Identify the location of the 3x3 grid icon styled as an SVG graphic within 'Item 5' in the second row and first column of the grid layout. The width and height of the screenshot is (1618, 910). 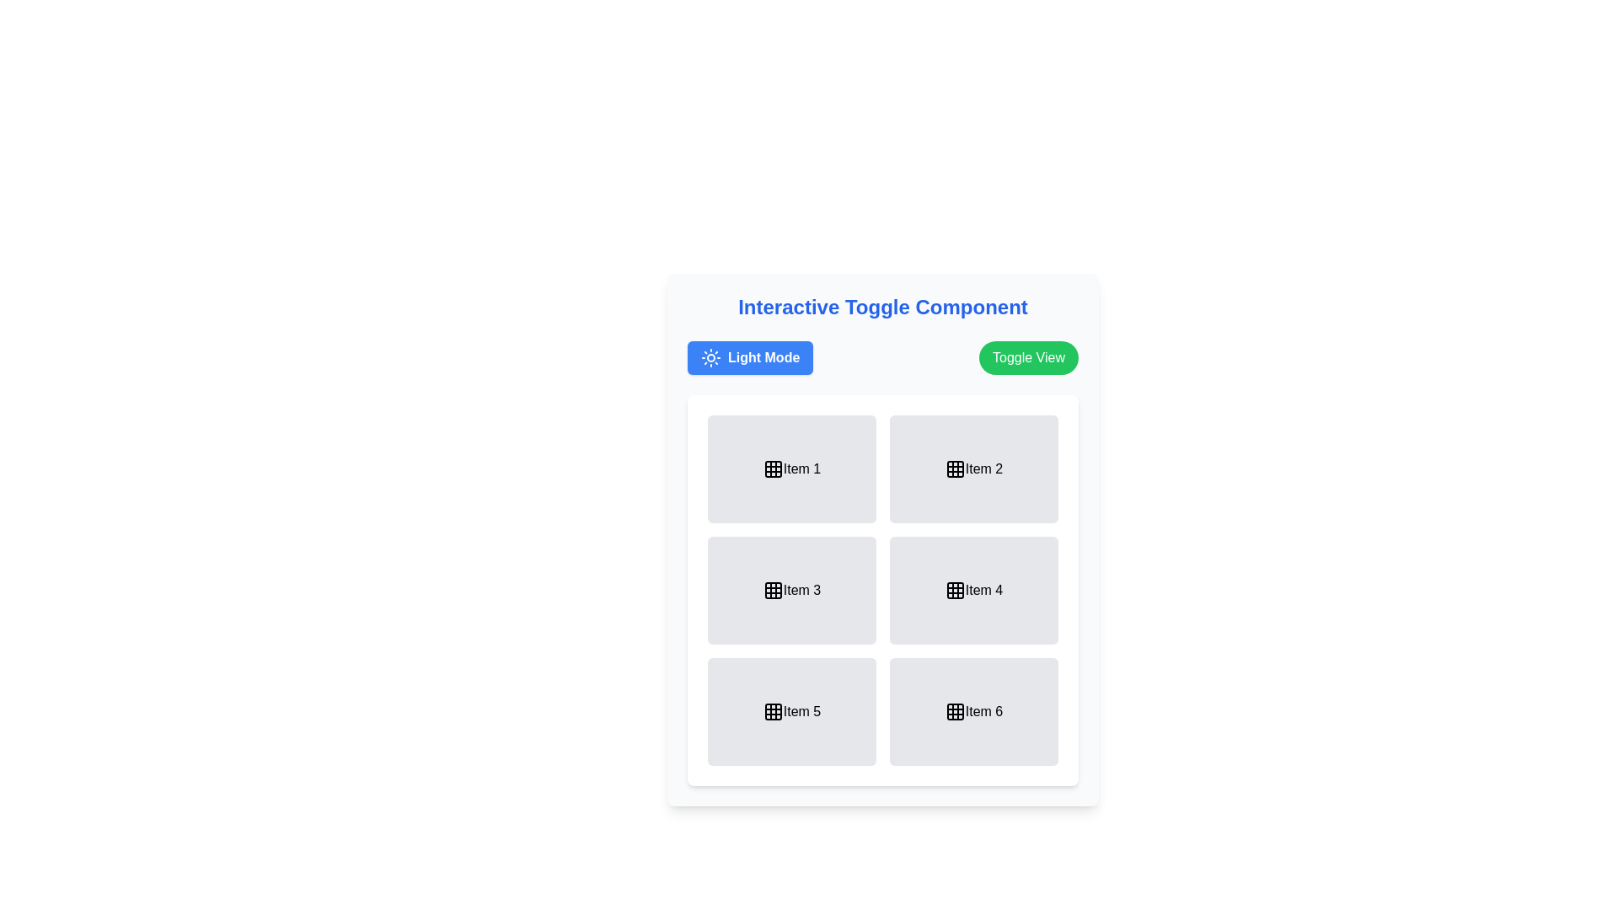
(772, 711).